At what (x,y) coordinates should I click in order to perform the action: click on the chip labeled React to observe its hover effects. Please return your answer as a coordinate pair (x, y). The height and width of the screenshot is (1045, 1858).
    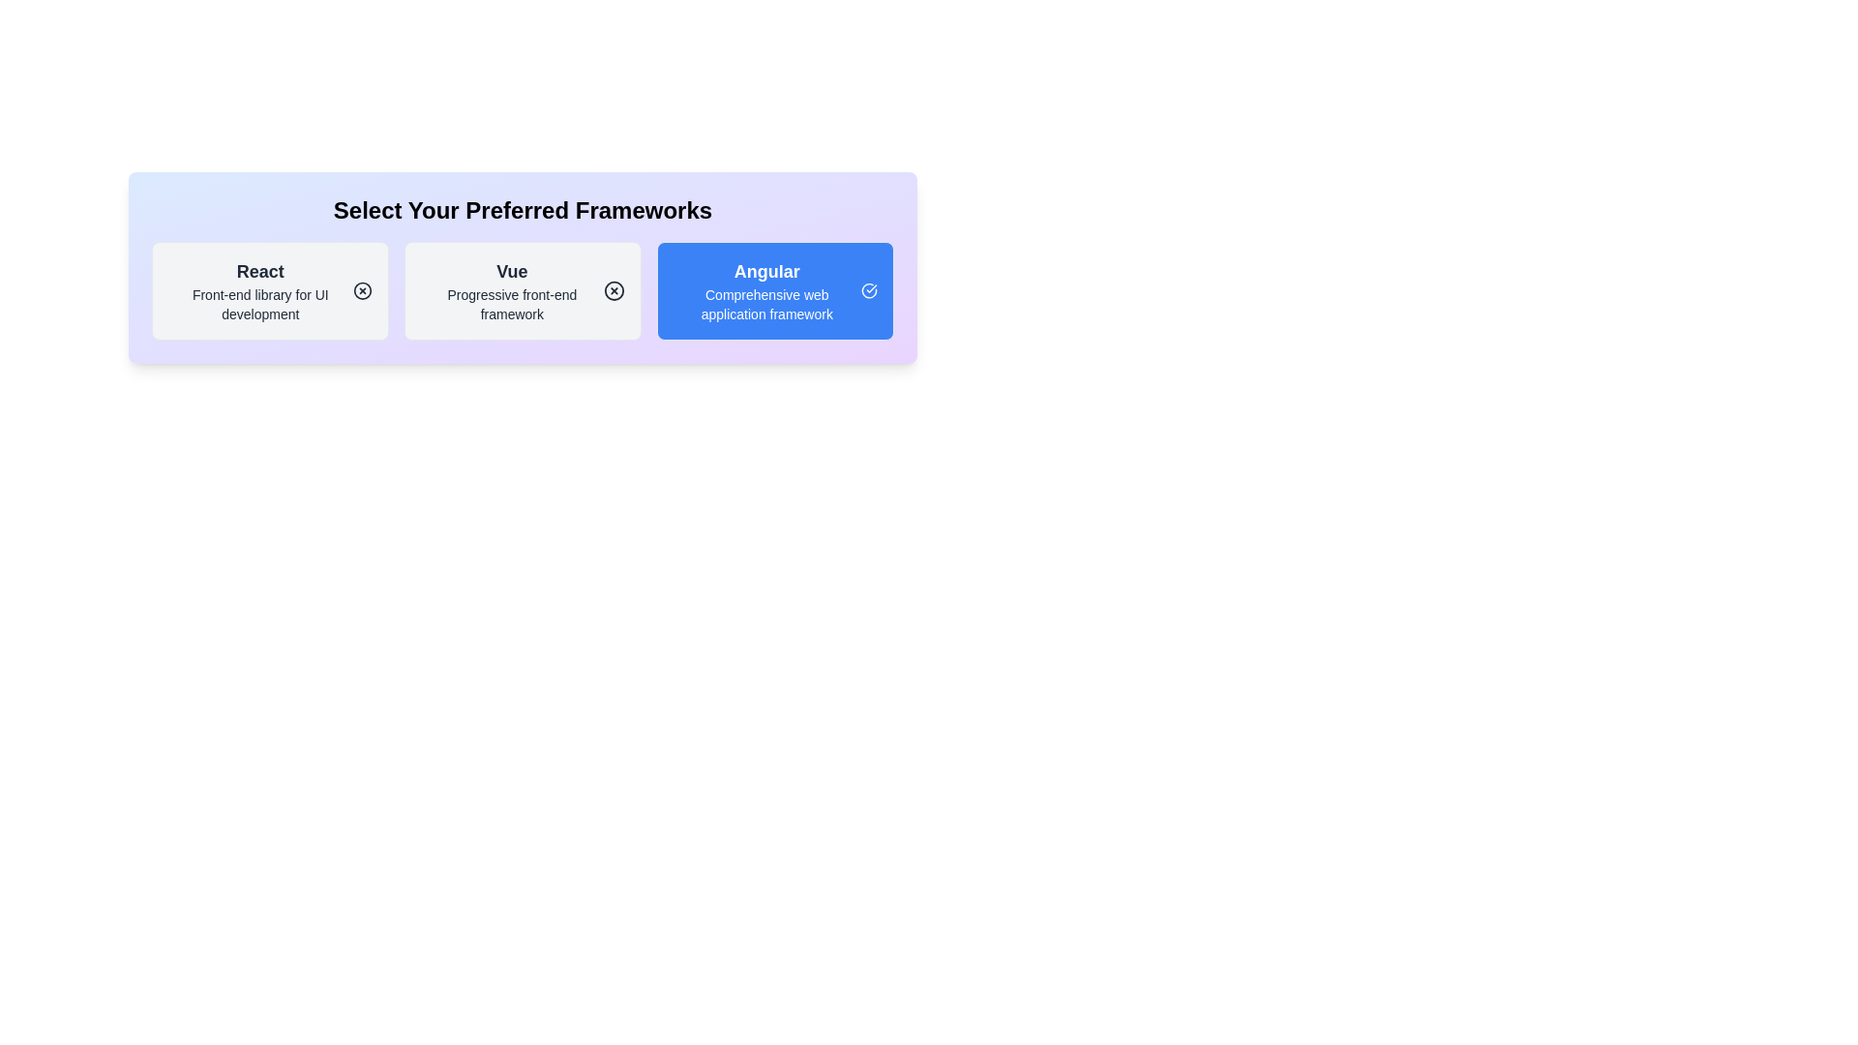
    Looking at the image, I should click on (269, 290).